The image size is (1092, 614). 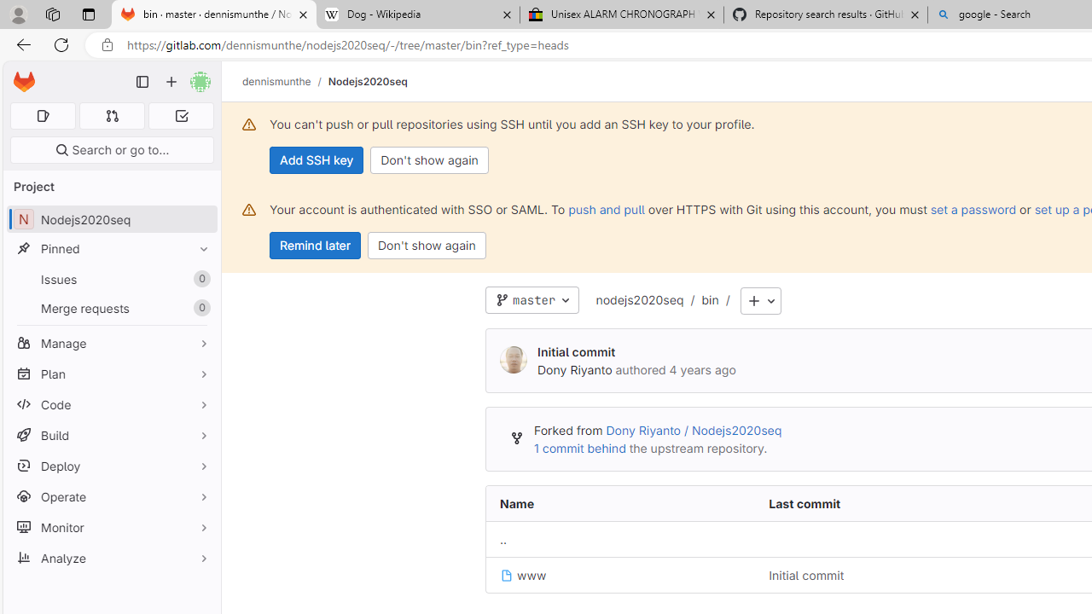 What do you see at coordinates (276, 81) in the screenshot?
I see `'dennismunthe'` at bounding box center [276, 81].